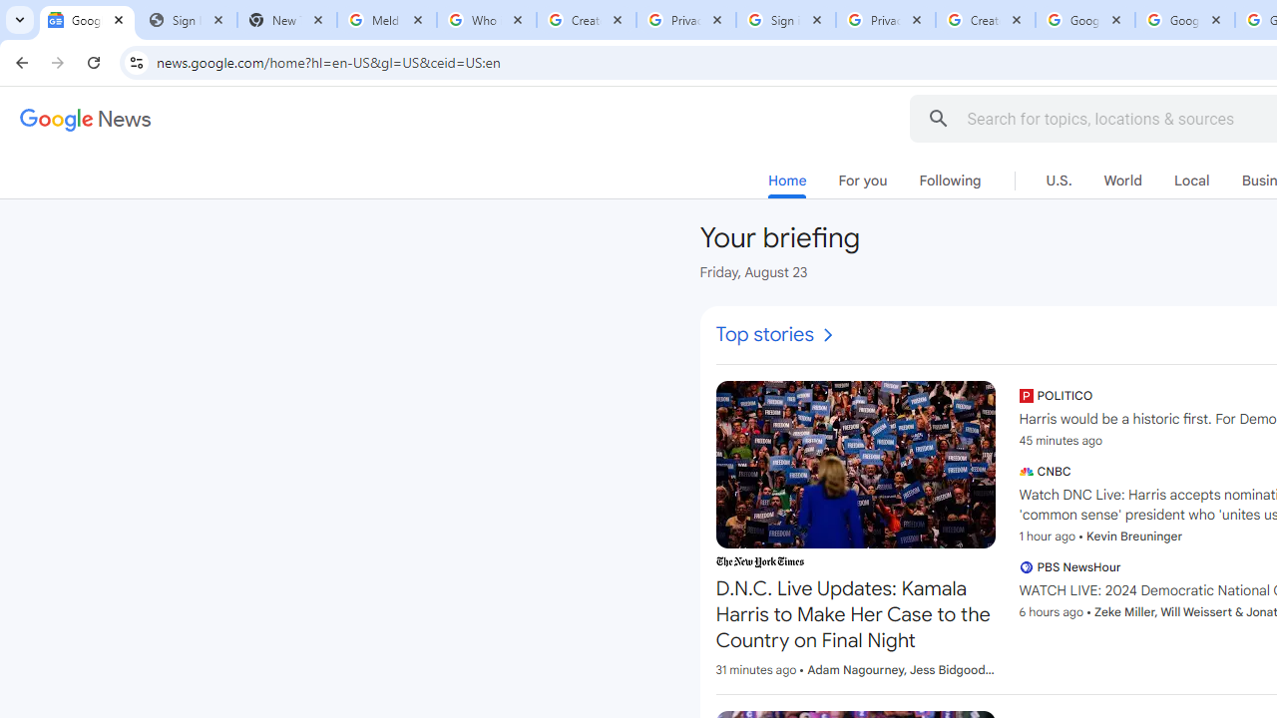 The image size is (1277, 718). Describe the element at coordinates (486, 20) in the screenshot. I see `'Who is my administrator? - Google Account Help'` at that location.